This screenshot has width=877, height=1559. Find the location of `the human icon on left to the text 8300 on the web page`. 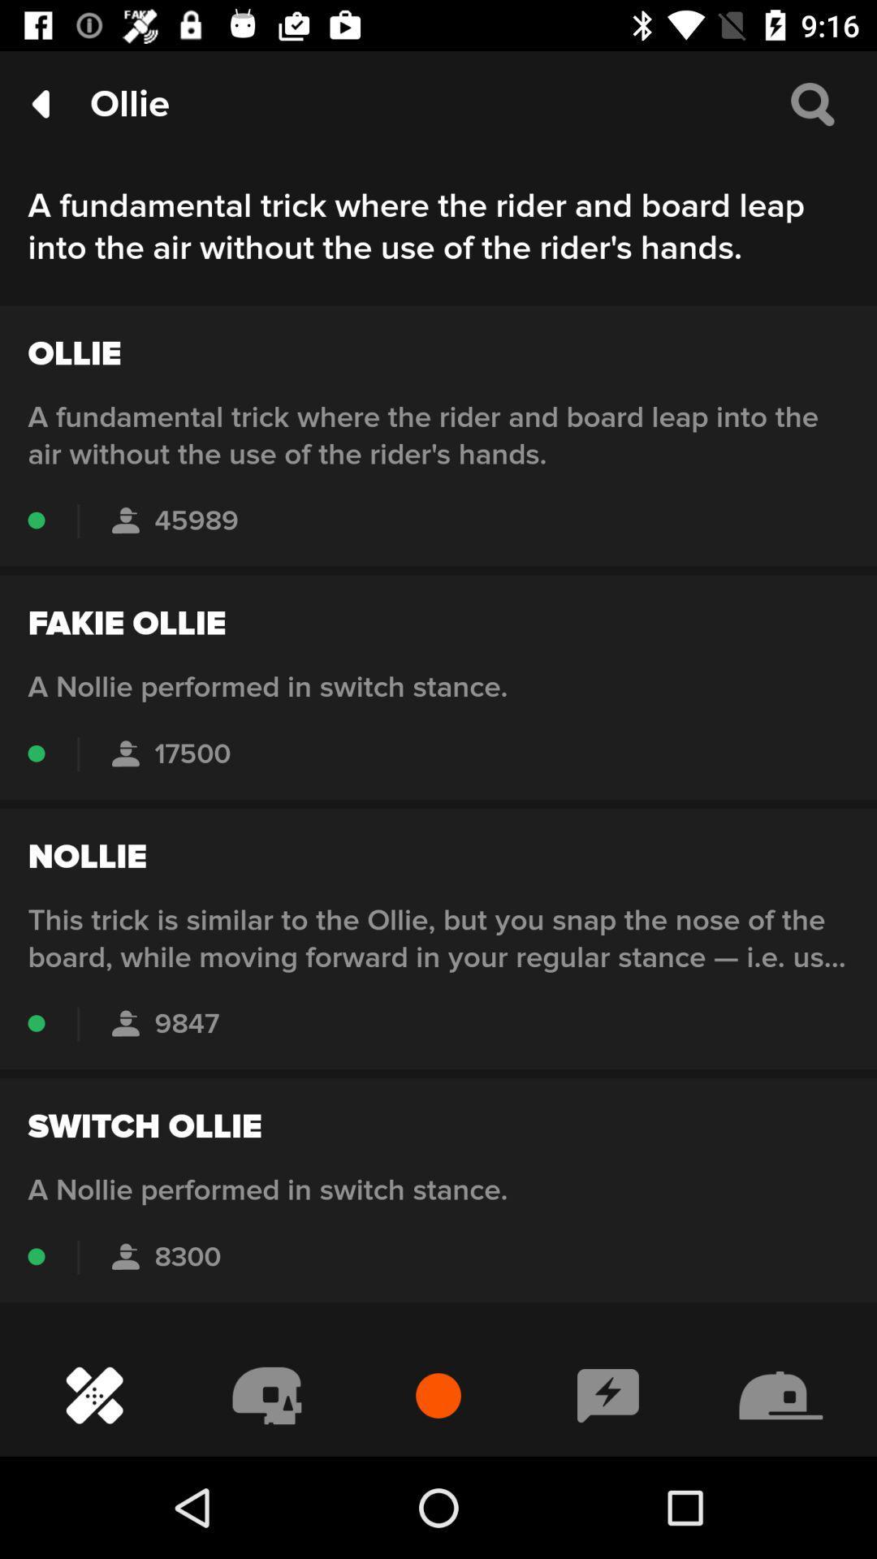

the human icon on left to the text 8300 on the web page is located at coordinates (124, 1256).